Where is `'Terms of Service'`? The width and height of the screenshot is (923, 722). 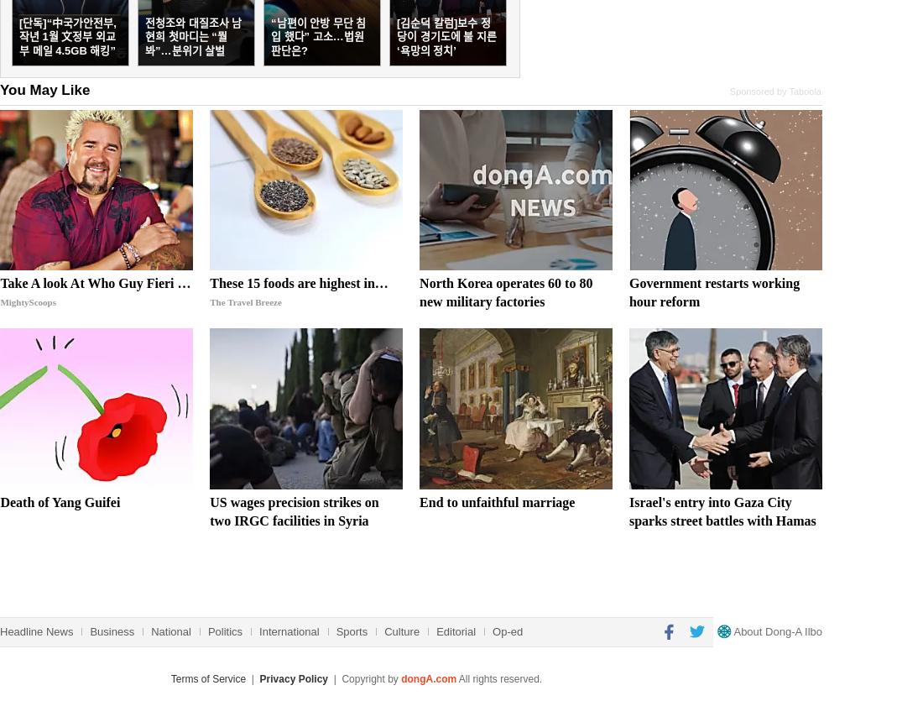
'Terms of Service' is located at coordinates (208, 677).